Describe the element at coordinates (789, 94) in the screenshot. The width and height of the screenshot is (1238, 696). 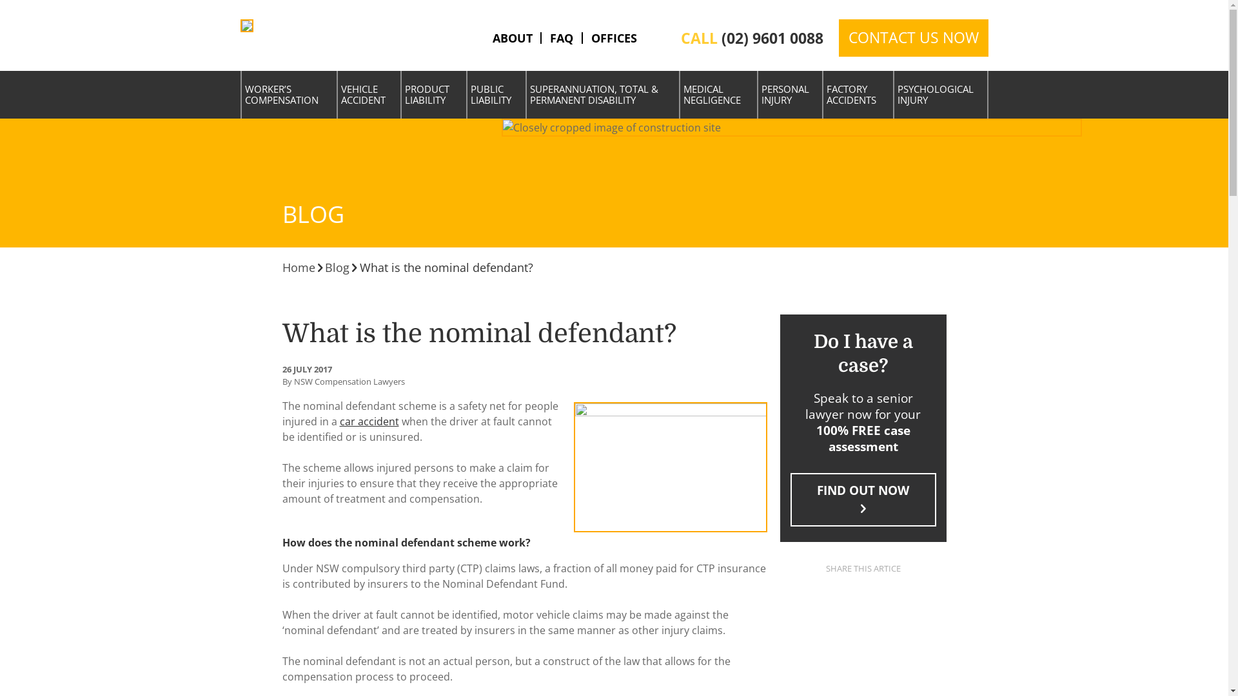
I see `'PERSONAL INJURY'` at that location.